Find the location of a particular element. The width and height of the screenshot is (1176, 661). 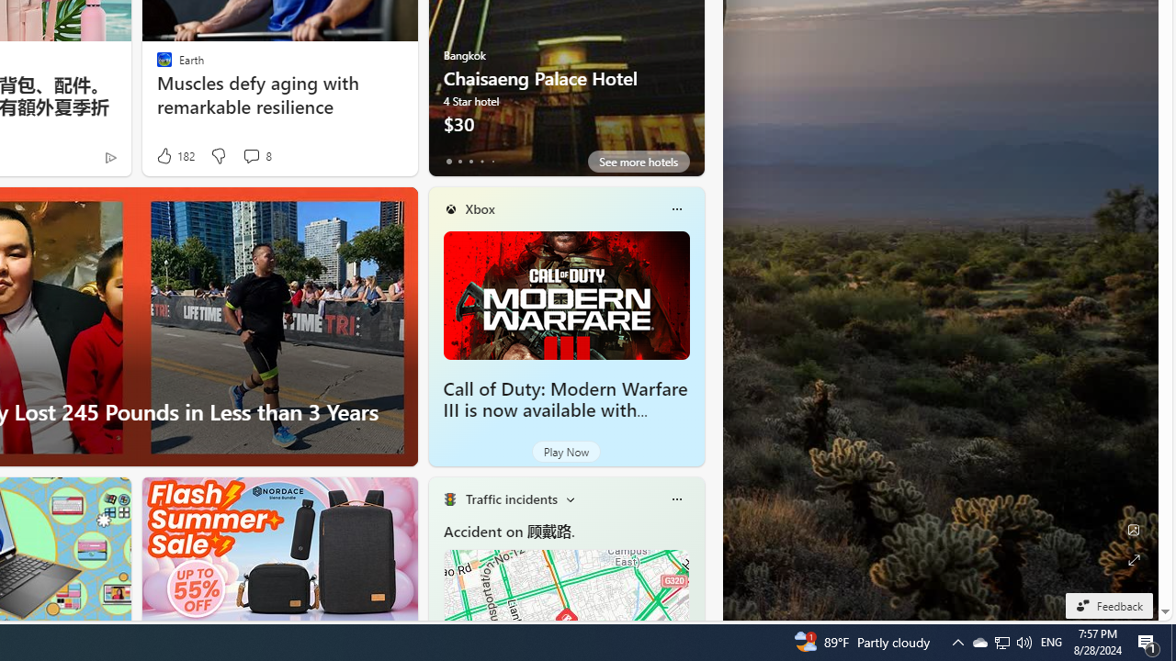

'Expand background' is located at coordinates (1132, 559).